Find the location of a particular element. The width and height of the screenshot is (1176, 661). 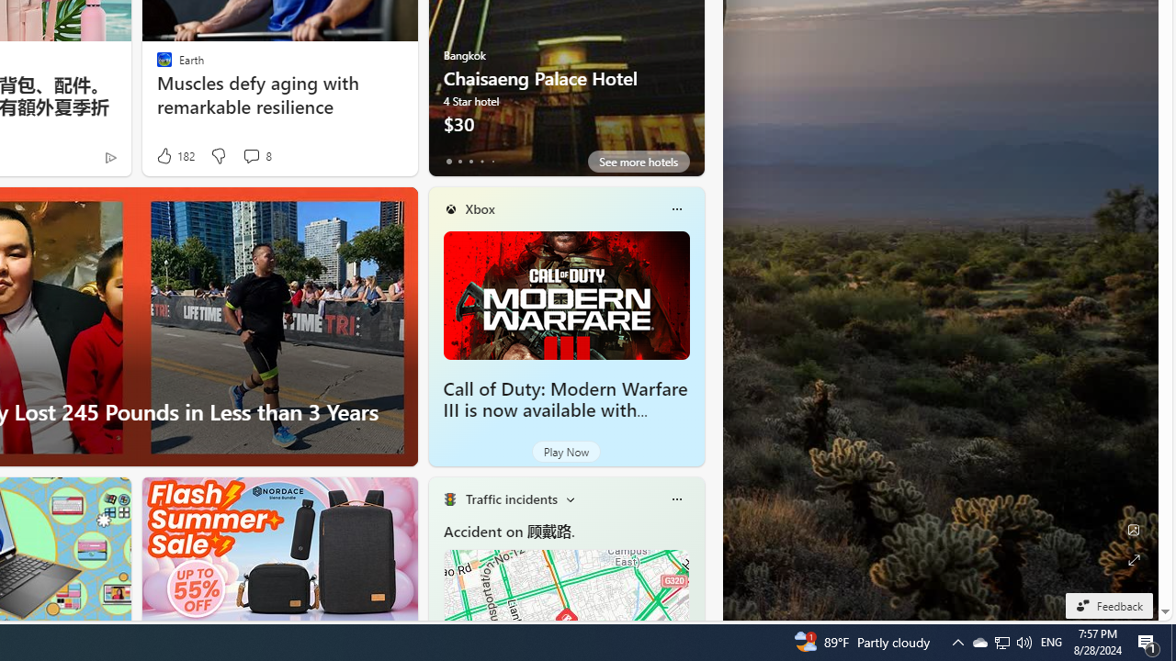

'Expand background' is located at coordinates (1132, 559).